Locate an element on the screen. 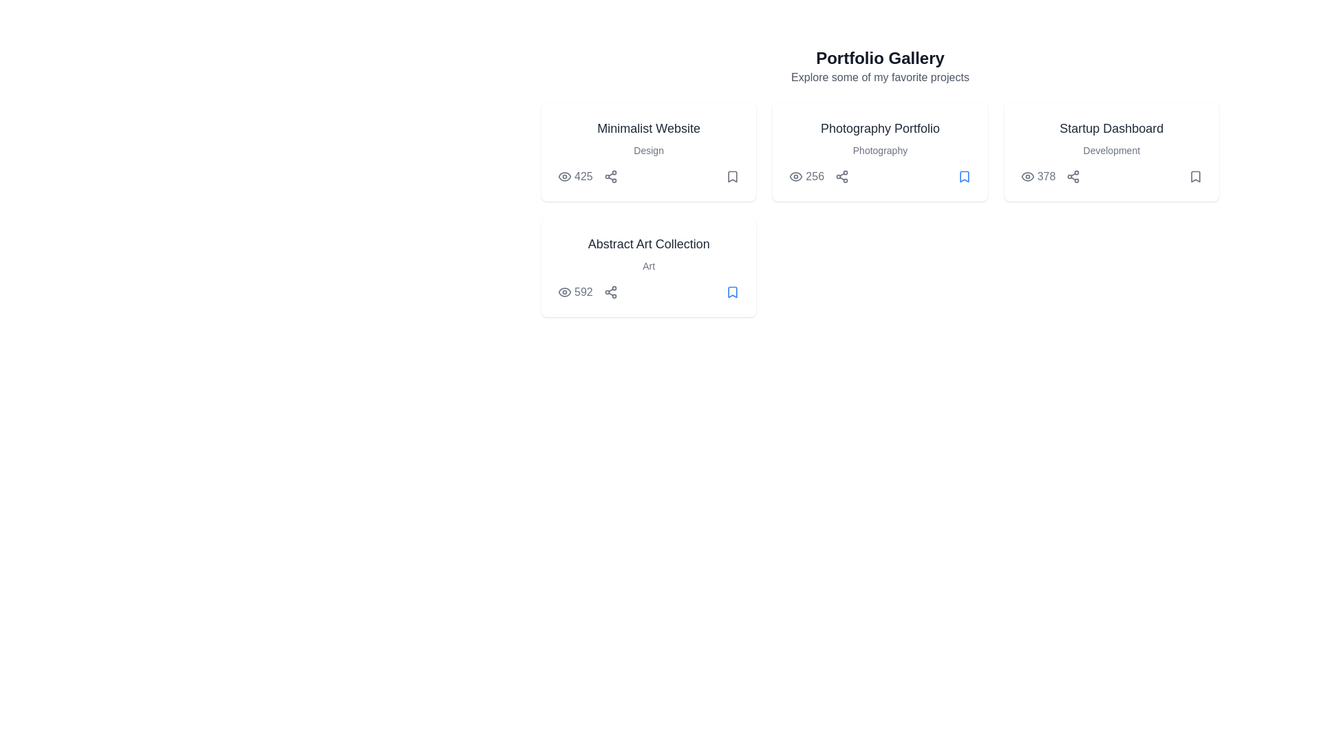 The height and width of the screenshot is (743, 1321). the eye icon located next to the number '592' in the card labeled 'Abstract Art Collection' is located at coordinates (564, 291).